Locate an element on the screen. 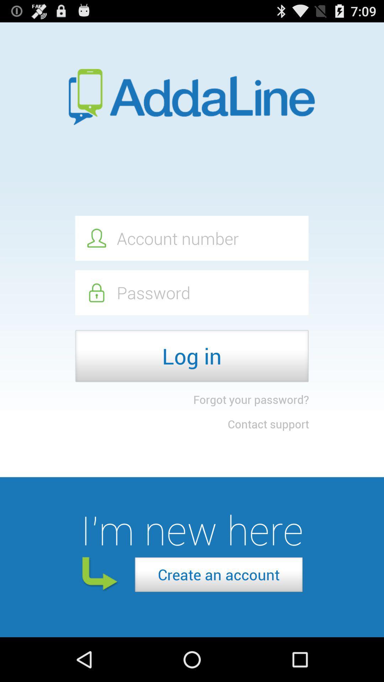 This screenshot has width=384, height=682. the icon on the right is located at coordinates (268, 424).